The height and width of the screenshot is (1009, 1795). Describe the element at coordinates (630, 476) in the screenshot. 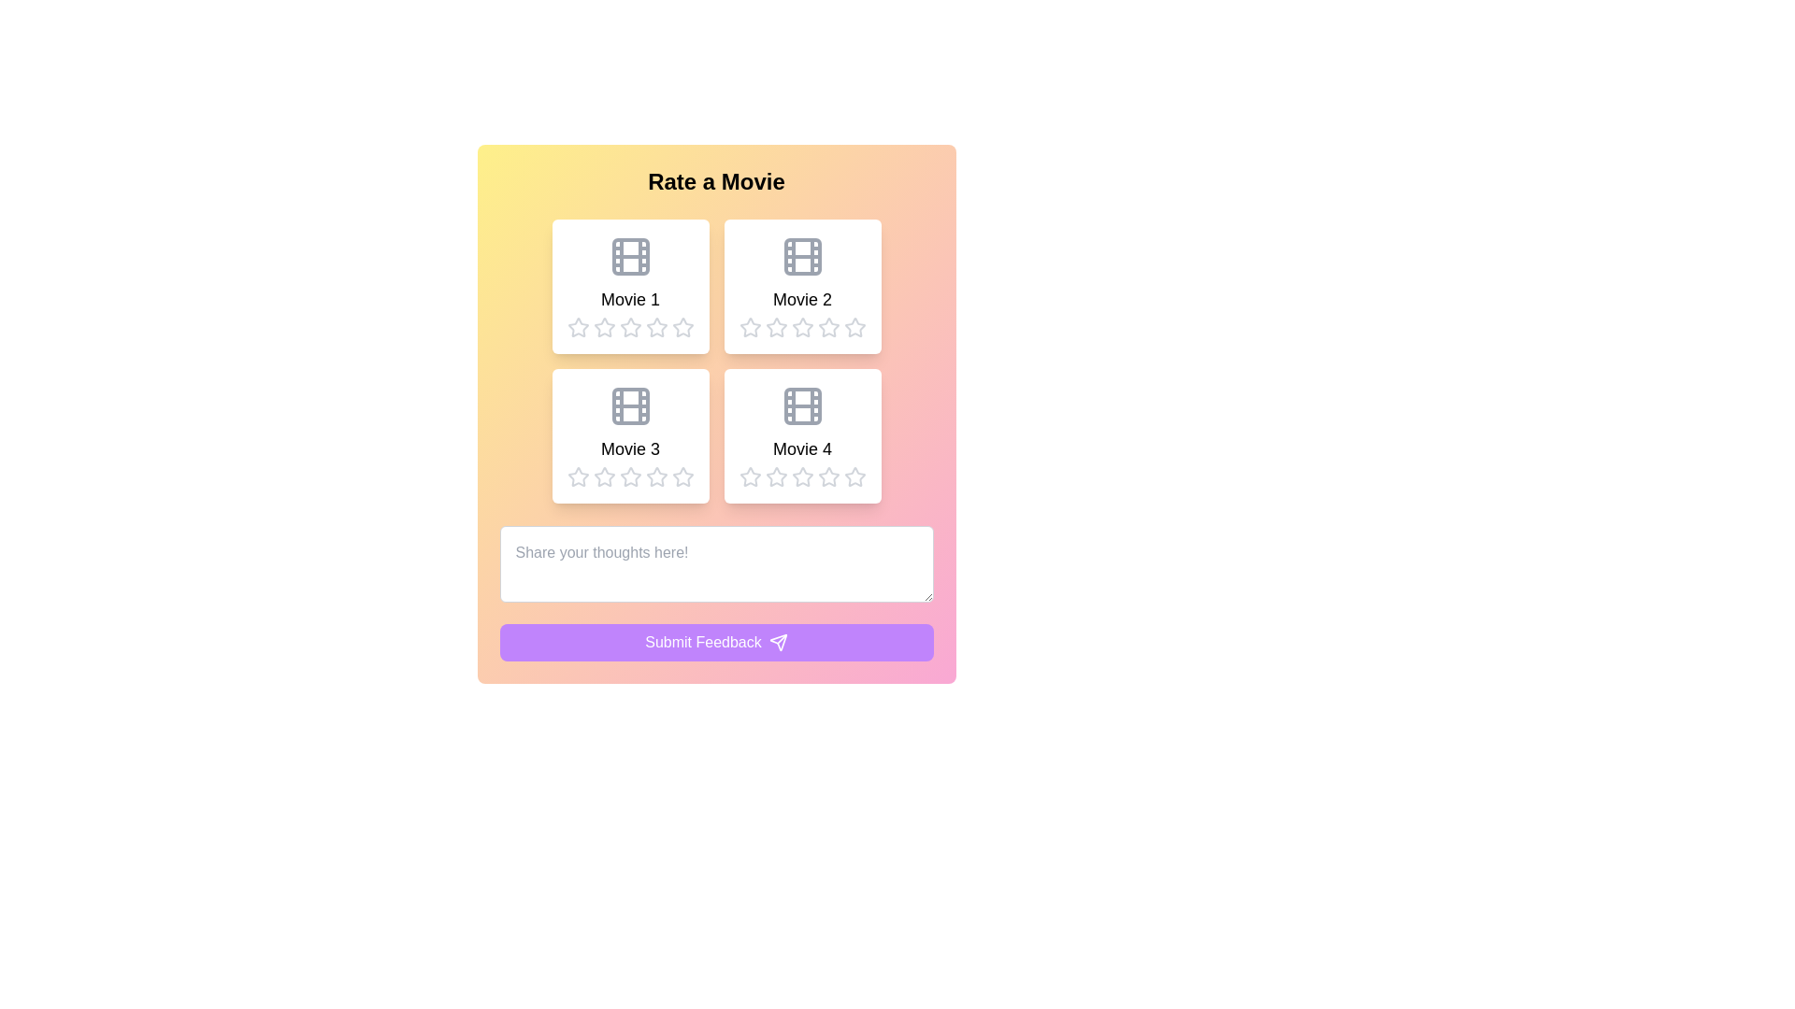

I see `the third star icon in the rating system under the 'Movie 3' section, which is styled with a hollow design and gentle shading` at that location.